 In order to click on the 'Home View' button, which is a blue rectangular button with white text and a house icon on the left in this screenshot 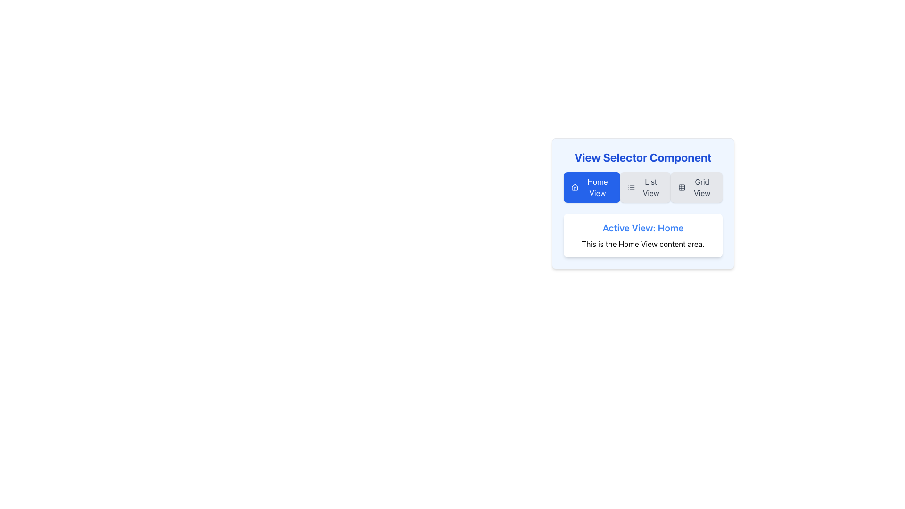, I will do `click(592, 187)`.